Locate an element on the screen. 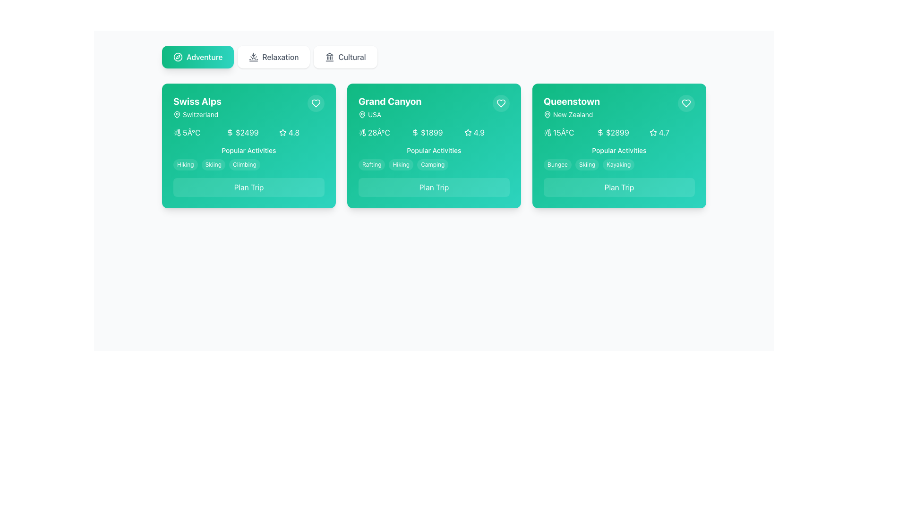 The image size is (907, 510). the 'Cultural' button which serves as a label for filtering content related to Cultural activities is located at coordinates (351, 57).